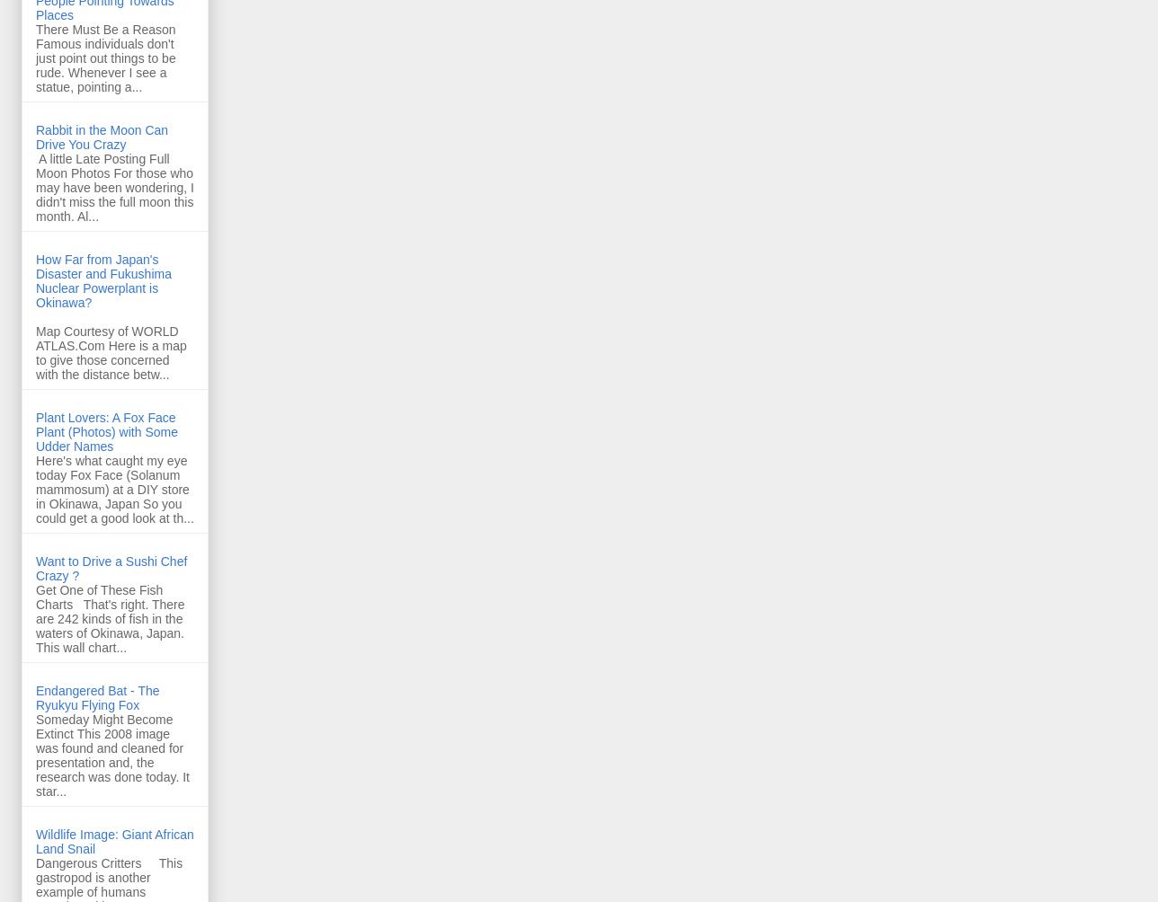 Image resolution: width=1158 pixels, height=902 pixels. I want to click on 'A little Late Posting Full Moon Photos           For those who may have been wondering, I didn't miss the full moon this month.     Al...', so click(114, 186).